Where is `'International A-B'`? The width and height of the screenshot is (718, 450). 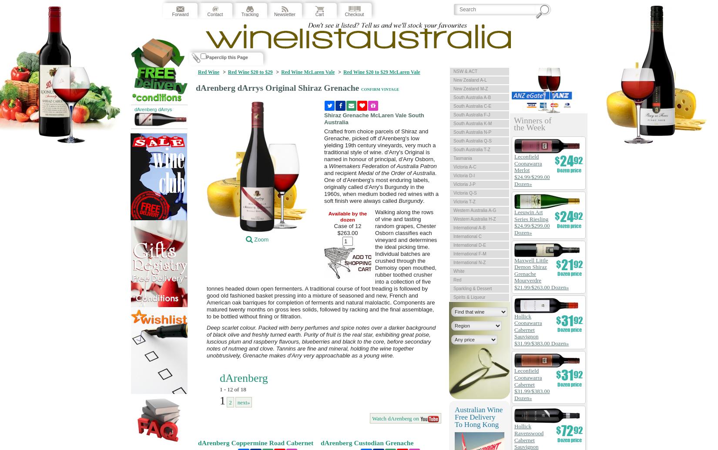 'International A-B' is located at coordinates (453, 228).